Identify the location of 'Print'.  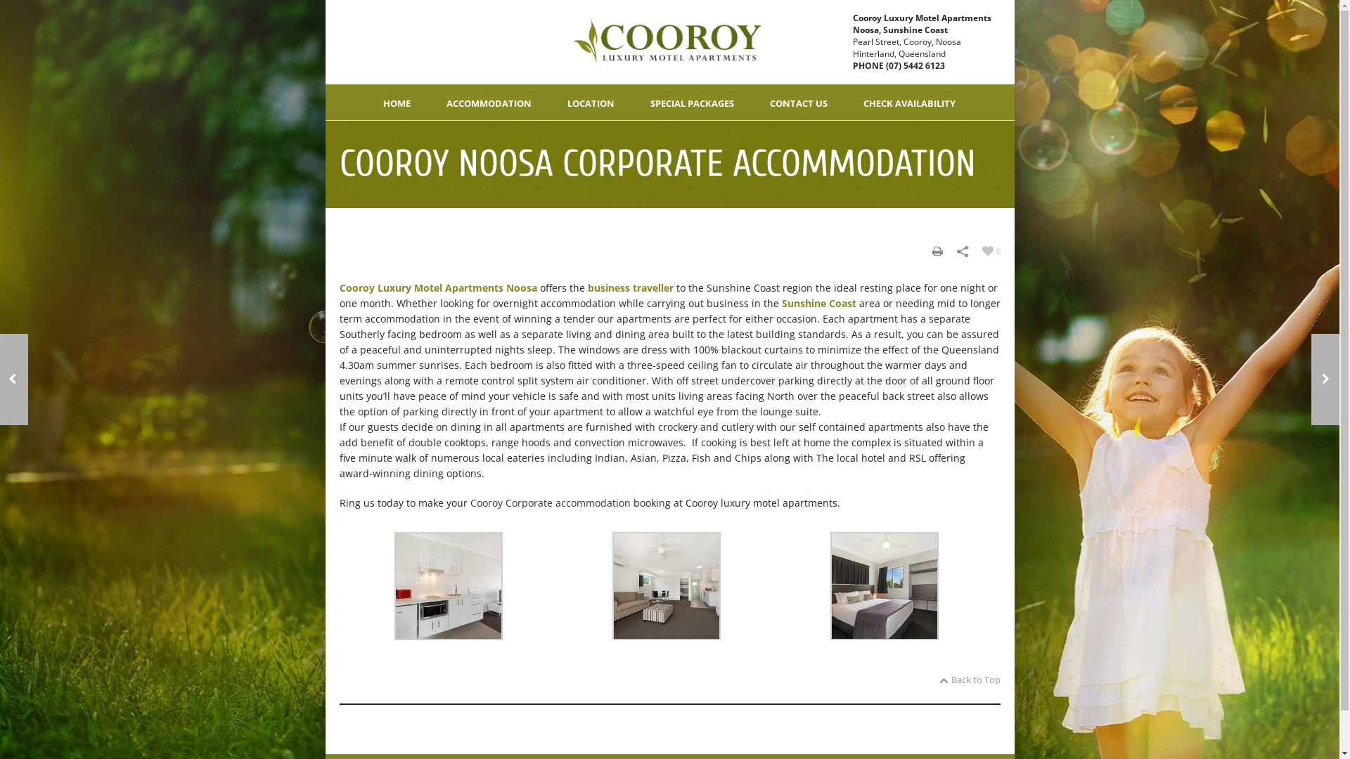
(937, 250).